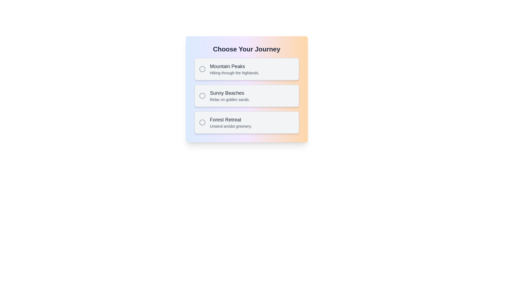 This screenshot has width=523, height=294. Describe the element at coordinates (235, 66) in the screenshot. I see `the descriptive title text label for the first selection option located in the first card under 'Choose Your Journey', positioned above the subtext 'Hiking through the highlands' and next to a radio button` at that location.